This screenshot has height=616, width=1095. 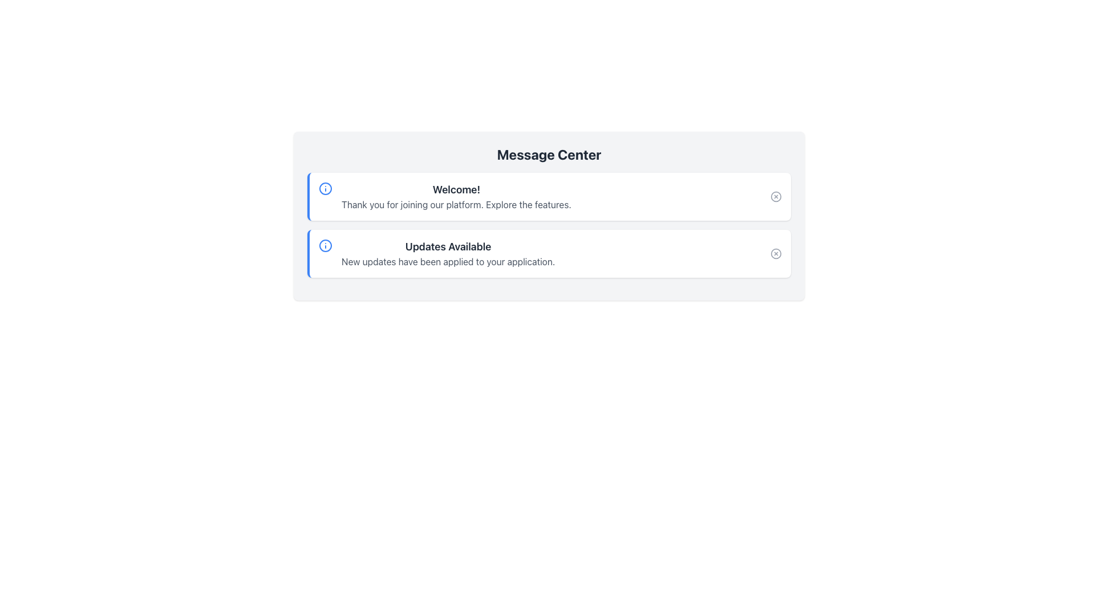 What do you see at coordinates (776, 253) in the screenshot?
I see `the SVG circle graphic that serves as part of the close button for the message box located near the right edge of the lower message box` at bounding box center [776, 253].